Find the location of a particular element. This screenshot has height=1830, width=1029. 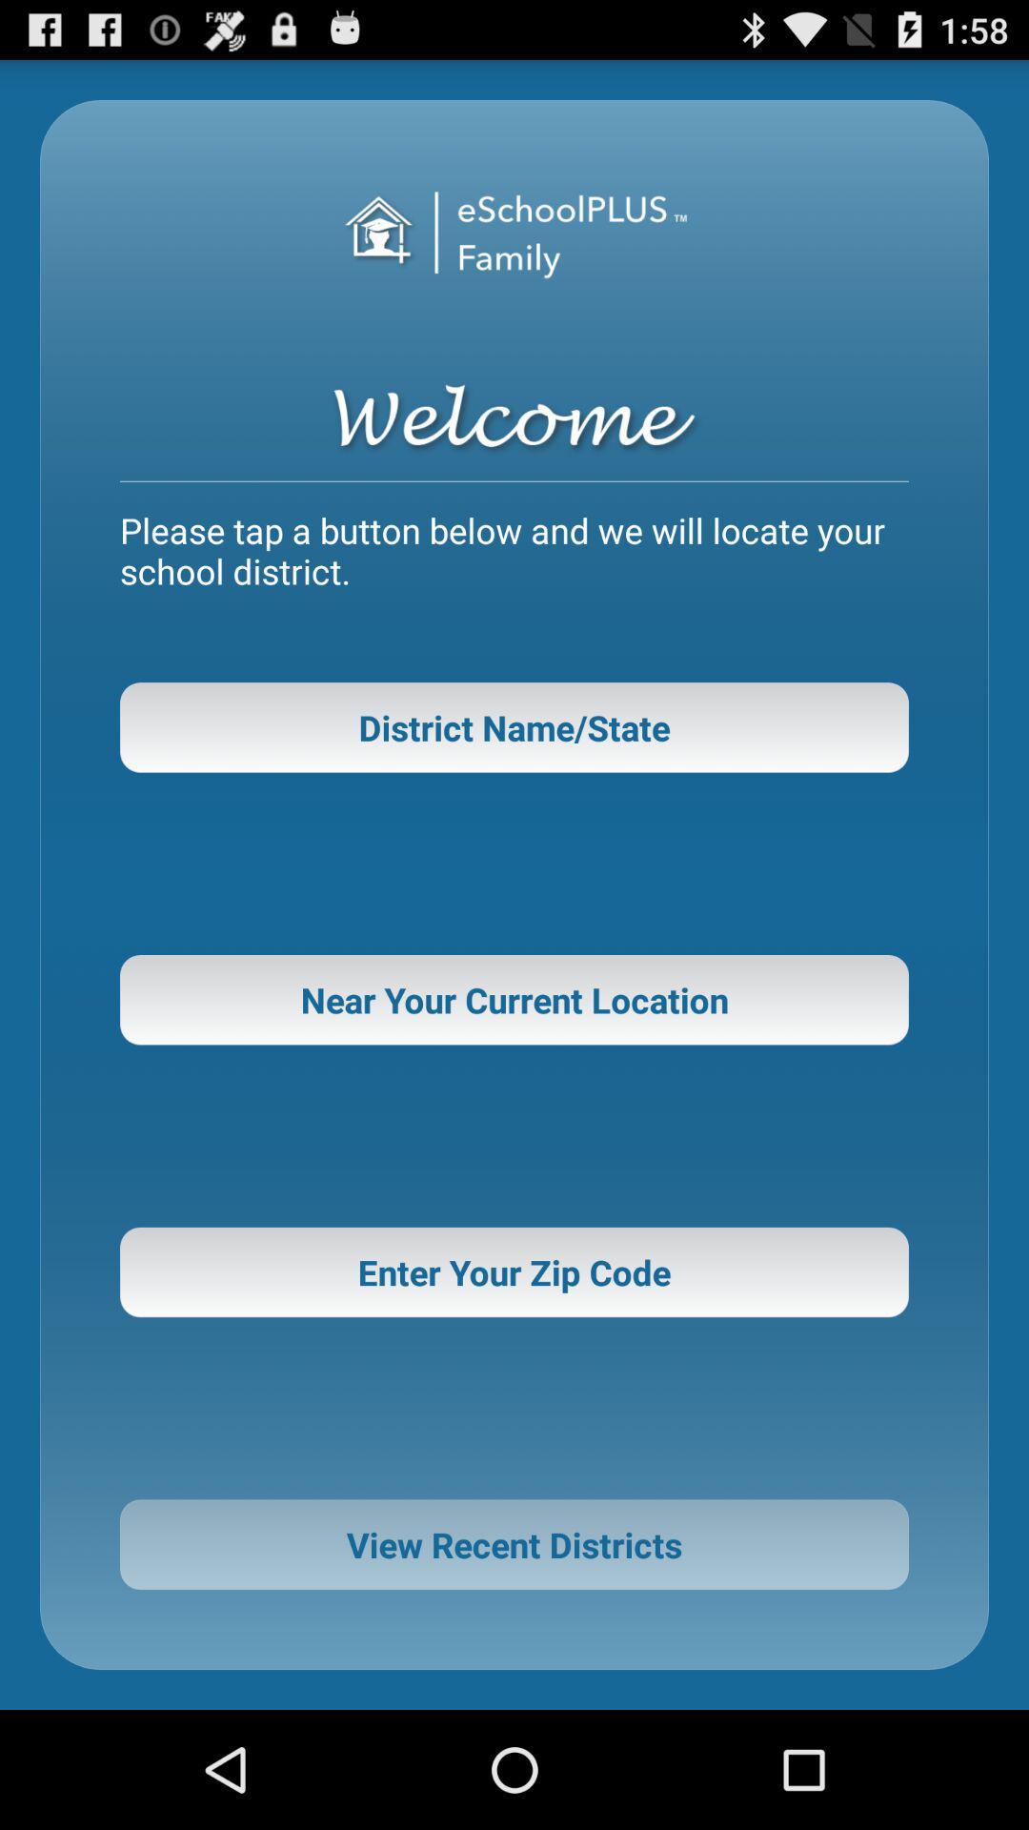

view recent districts icon is located at coordinates (514, 1544).